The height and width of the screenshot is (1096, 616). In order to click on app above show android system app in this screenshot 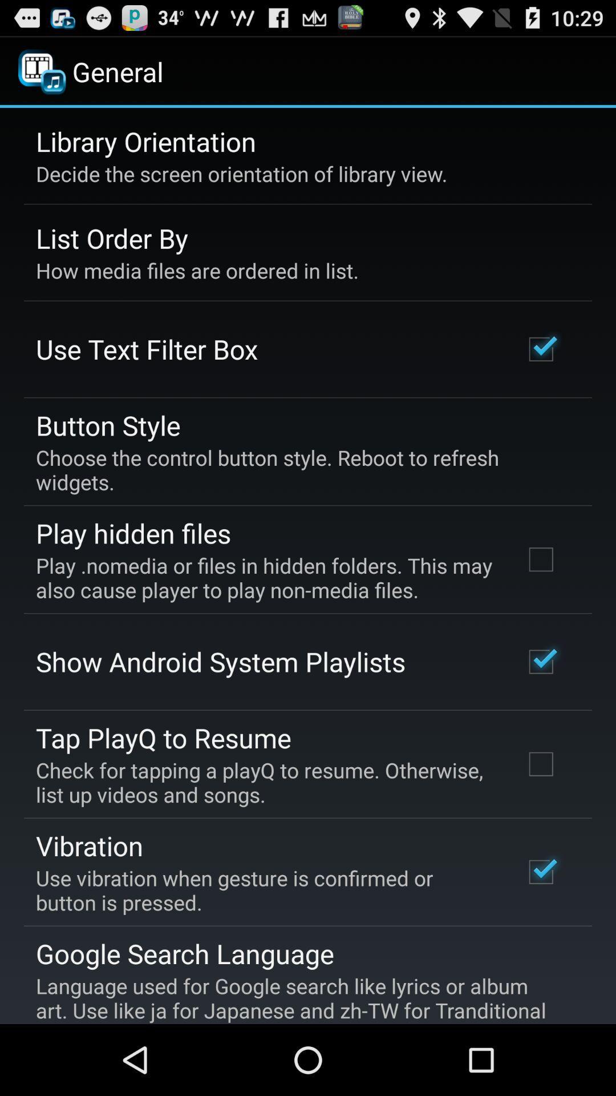, I will do `click(264, 578)`.